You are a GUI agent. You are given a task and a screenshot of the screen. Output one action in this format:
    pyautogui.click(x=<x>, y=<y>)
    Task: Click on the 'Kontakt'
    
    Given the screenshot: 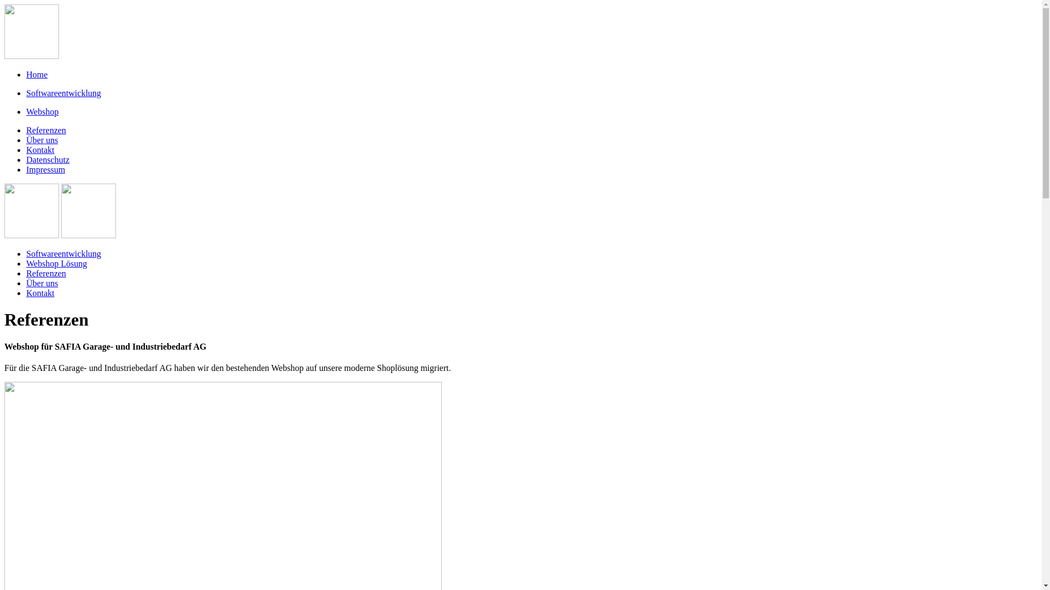 What is the action you would take?
    pyautogui.click(x=40, y=150)
    